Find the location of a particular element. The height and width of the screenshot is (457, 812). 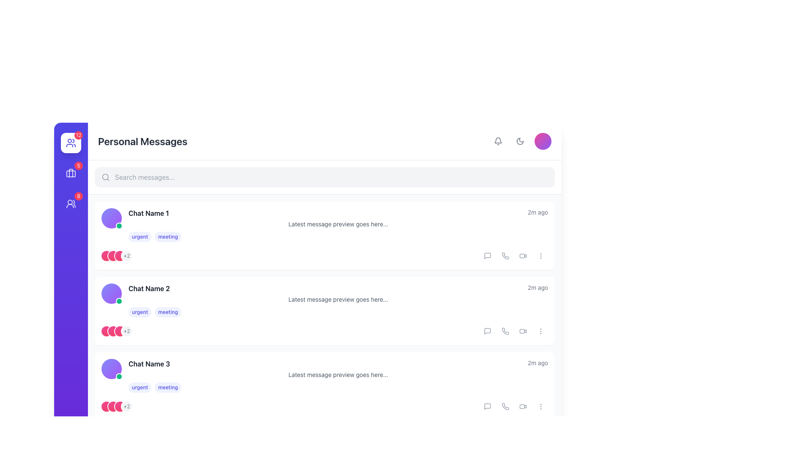

the Avatar icon, which is the third circular icon in a horizontal layout under 'Chat Name 3' is located at coordinates (119, 406).